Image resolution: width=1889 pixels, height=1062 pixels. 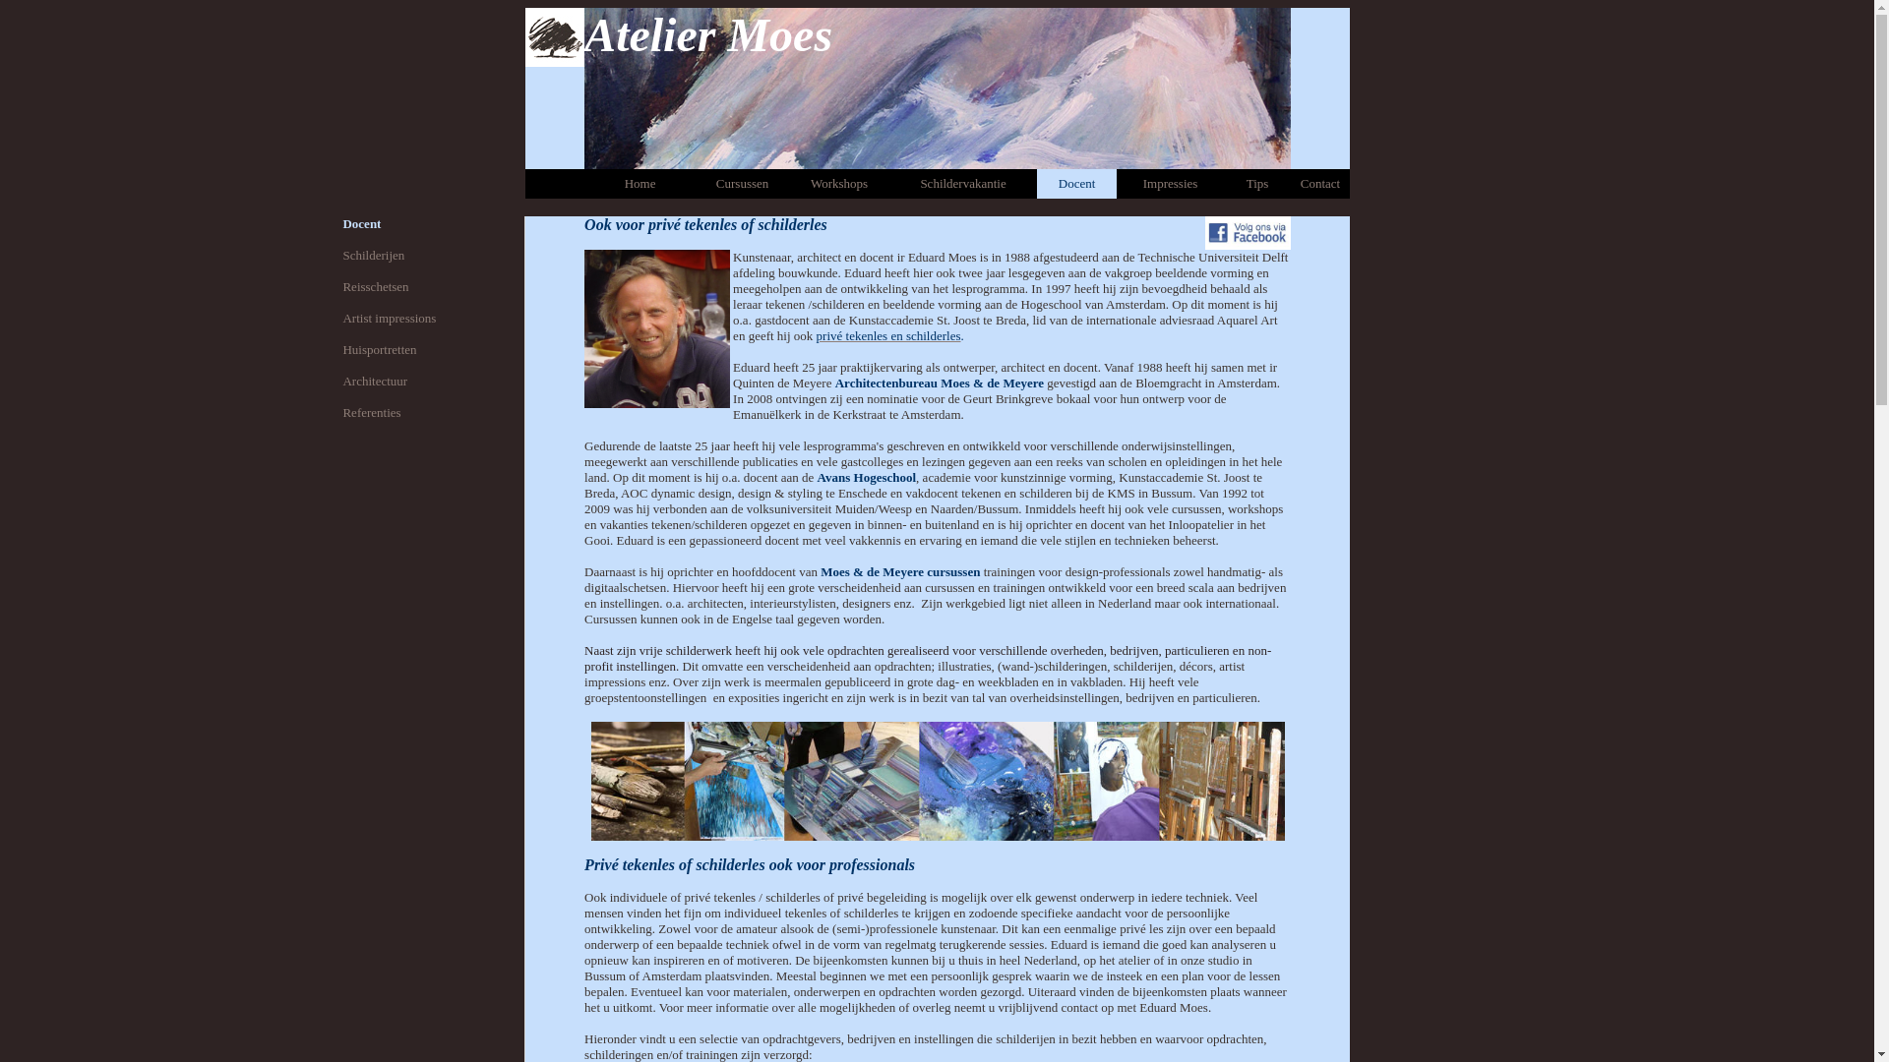 I want to click on 'Home', so click(x=623, y=183).